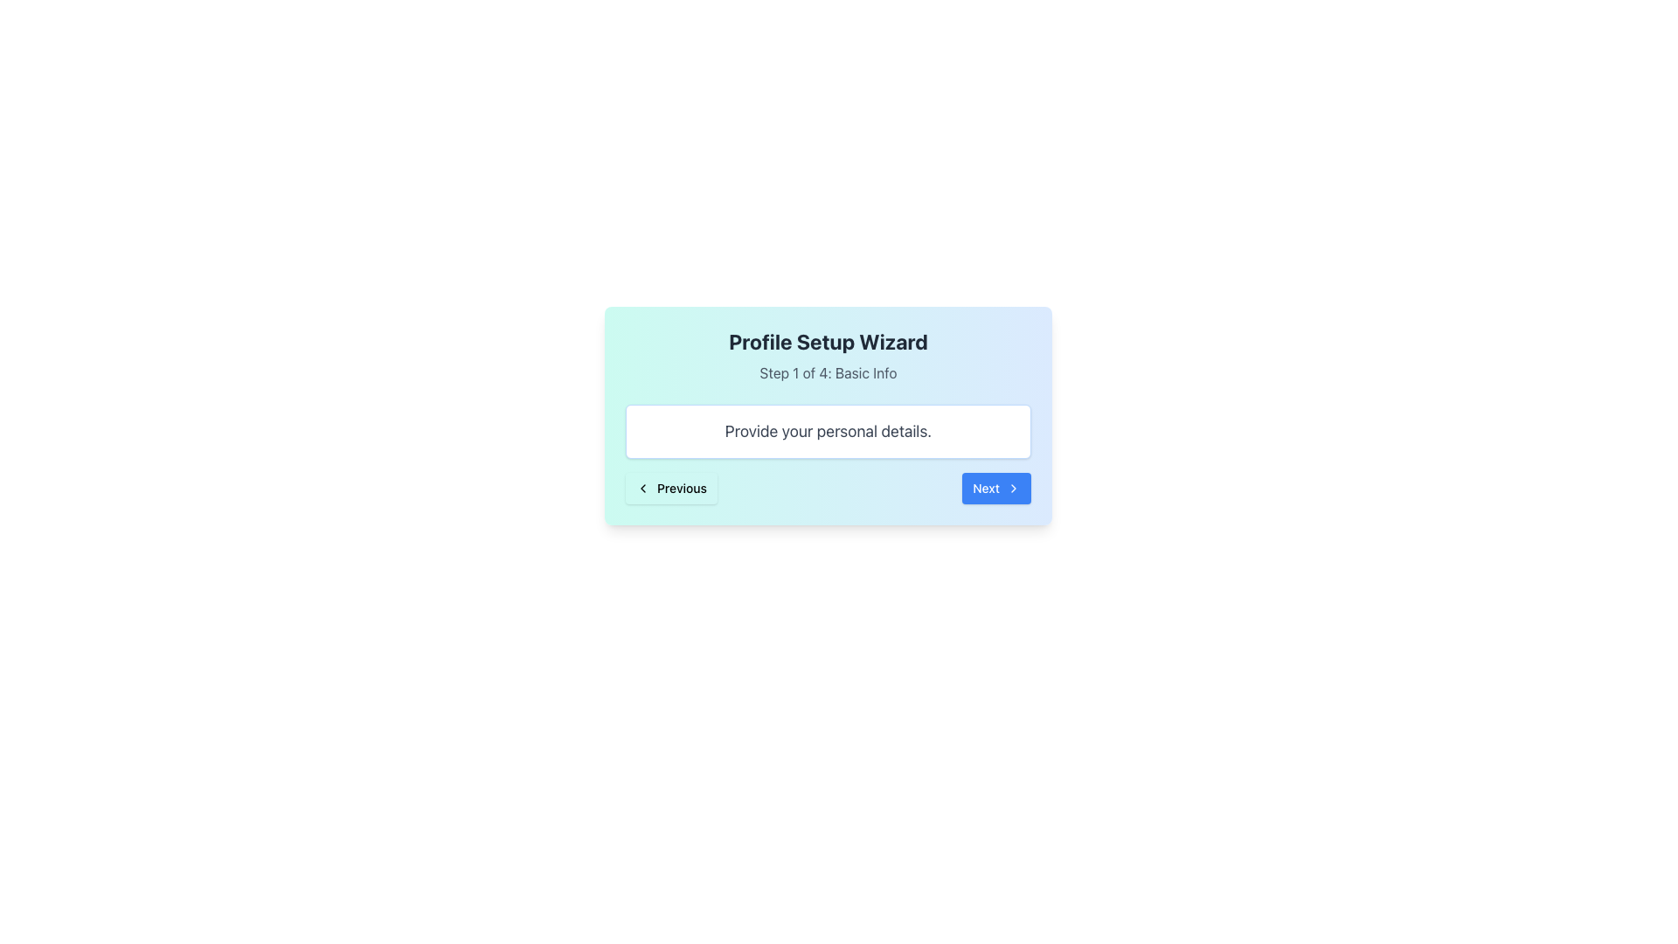 The image size is (1678, 944). I want to click on the rightward-pointing chevron icon within the blue 'Next' button located towards the bottom-right side of the interface, so click(1014, 489).